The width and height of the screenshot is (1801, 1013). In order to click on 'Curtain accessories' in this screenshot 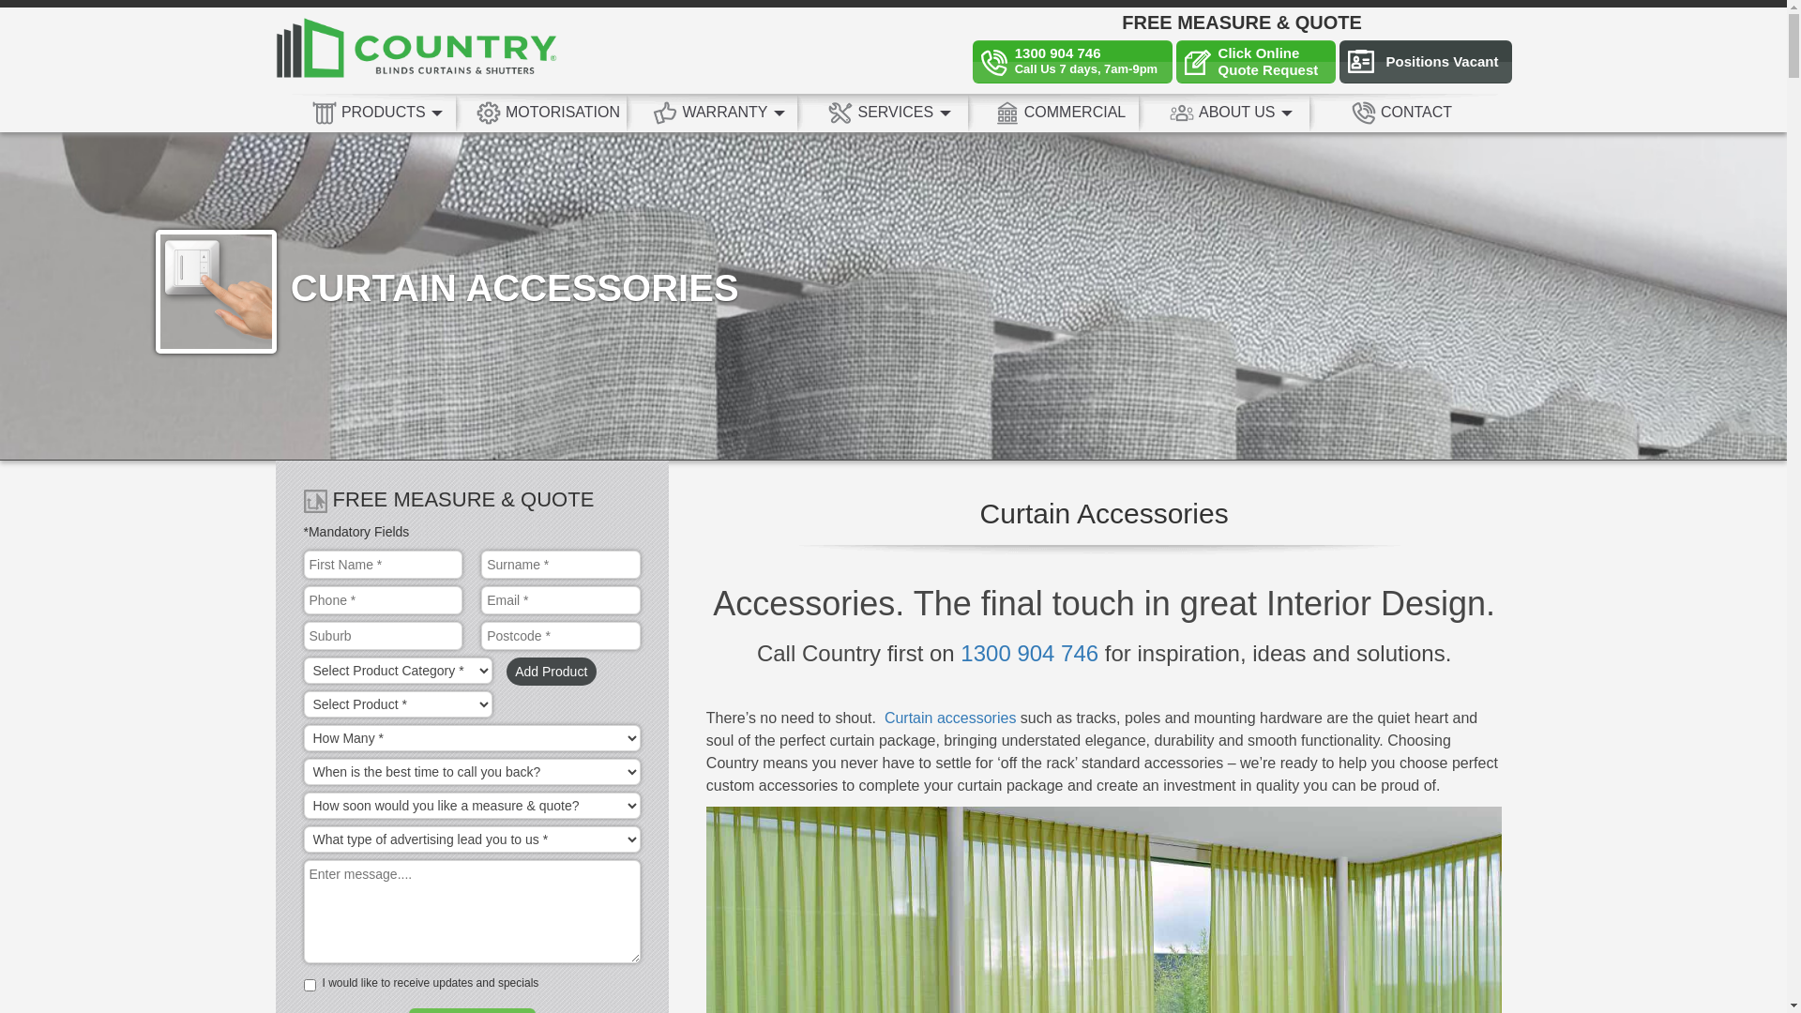, I will do `click(950, 718)`.